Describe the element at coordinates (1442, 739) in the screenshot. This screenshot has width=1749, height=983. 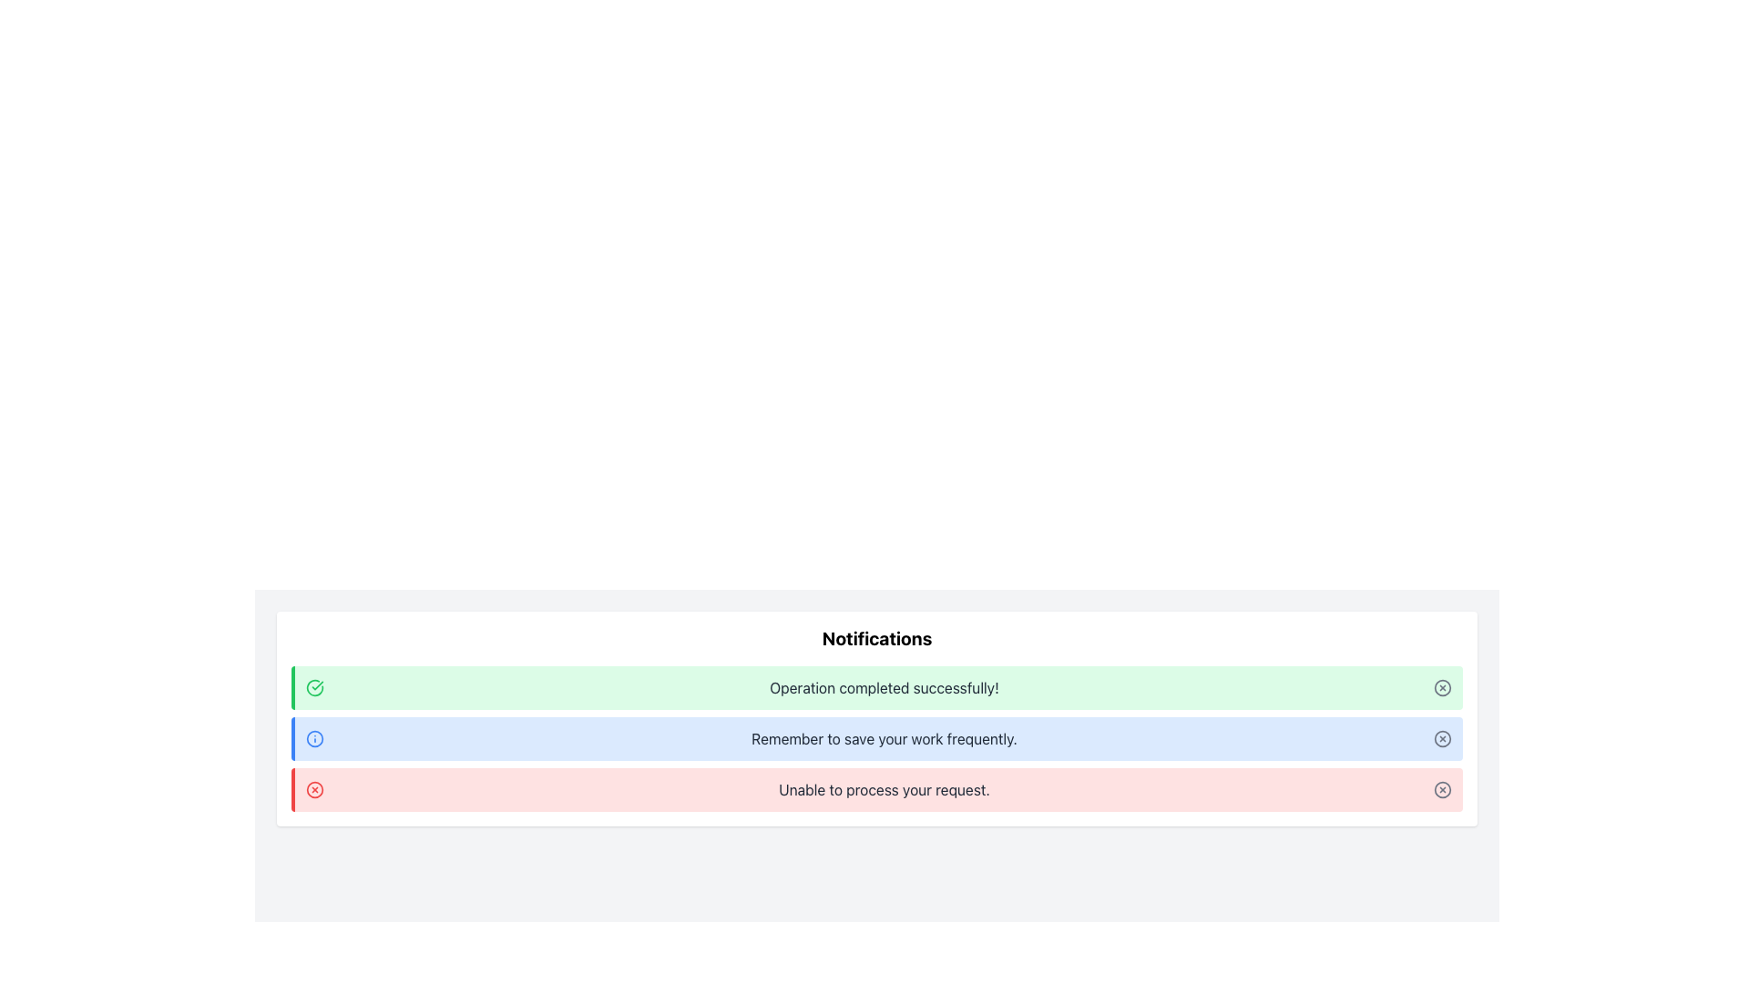
I see `the button located at the right end of the notification message bar` at that location.